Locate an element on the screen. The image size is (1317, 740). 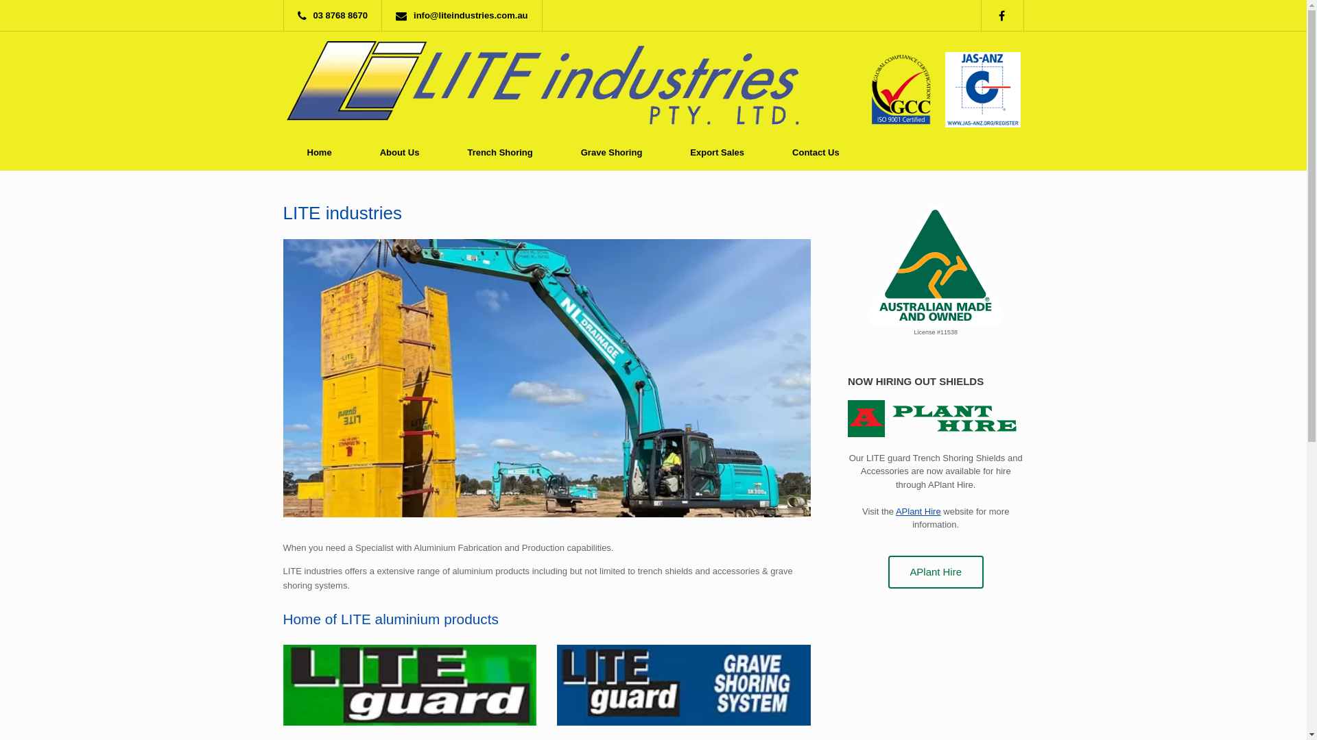
'03 8768 8670' is located at coordinates (336, 15).